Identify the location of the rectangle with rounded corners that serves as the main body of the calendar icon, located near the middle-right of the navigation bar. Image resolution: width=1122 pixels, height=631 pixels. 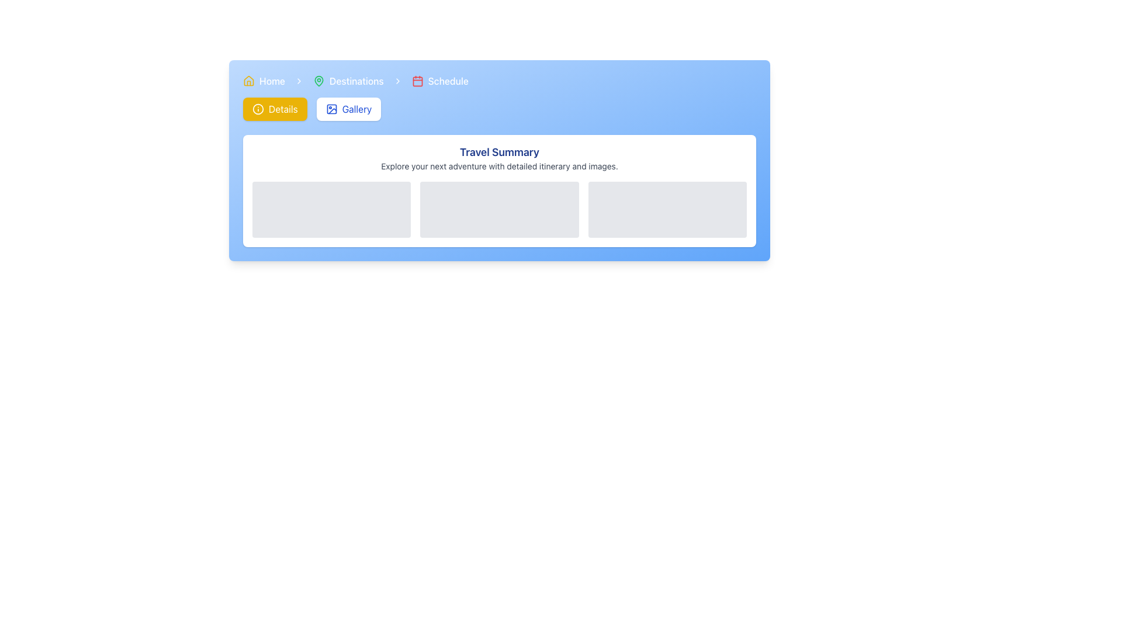
(417, 81).